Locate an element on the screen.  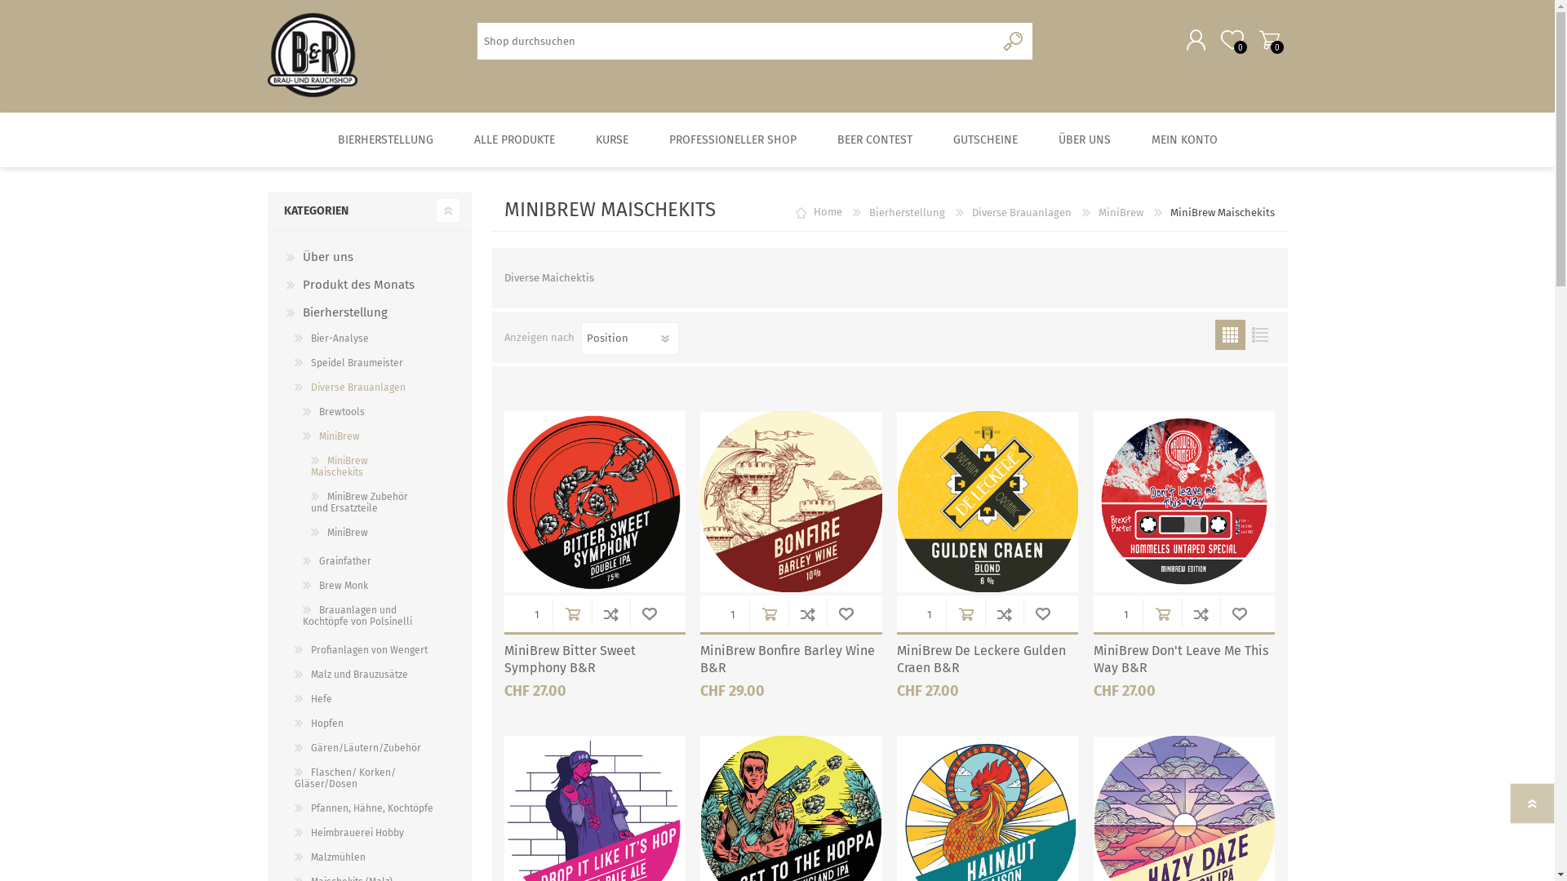
'BIERHERSTELLUNG' is located at coordinates (384, 139).